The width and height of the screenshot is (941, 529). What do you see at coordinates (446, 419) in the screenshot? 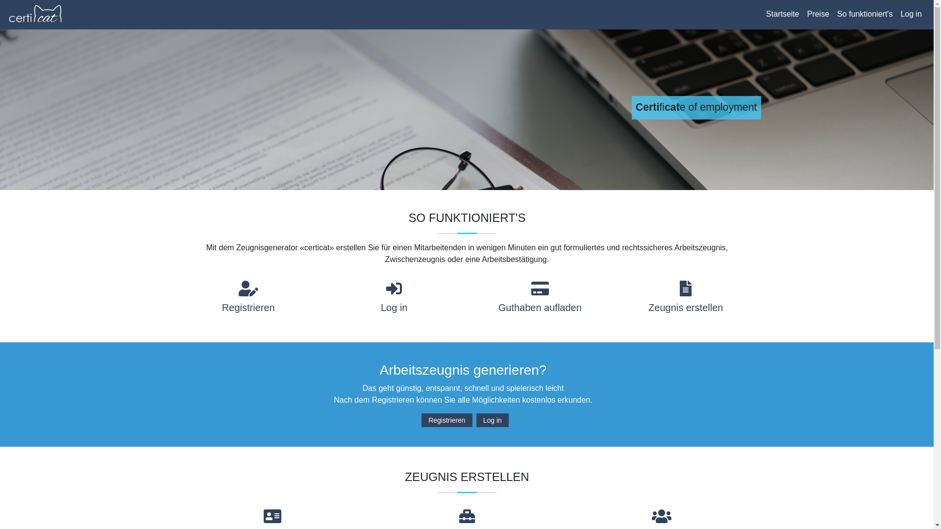
I see `'Registrieren'` at bounding box center [446, 419].